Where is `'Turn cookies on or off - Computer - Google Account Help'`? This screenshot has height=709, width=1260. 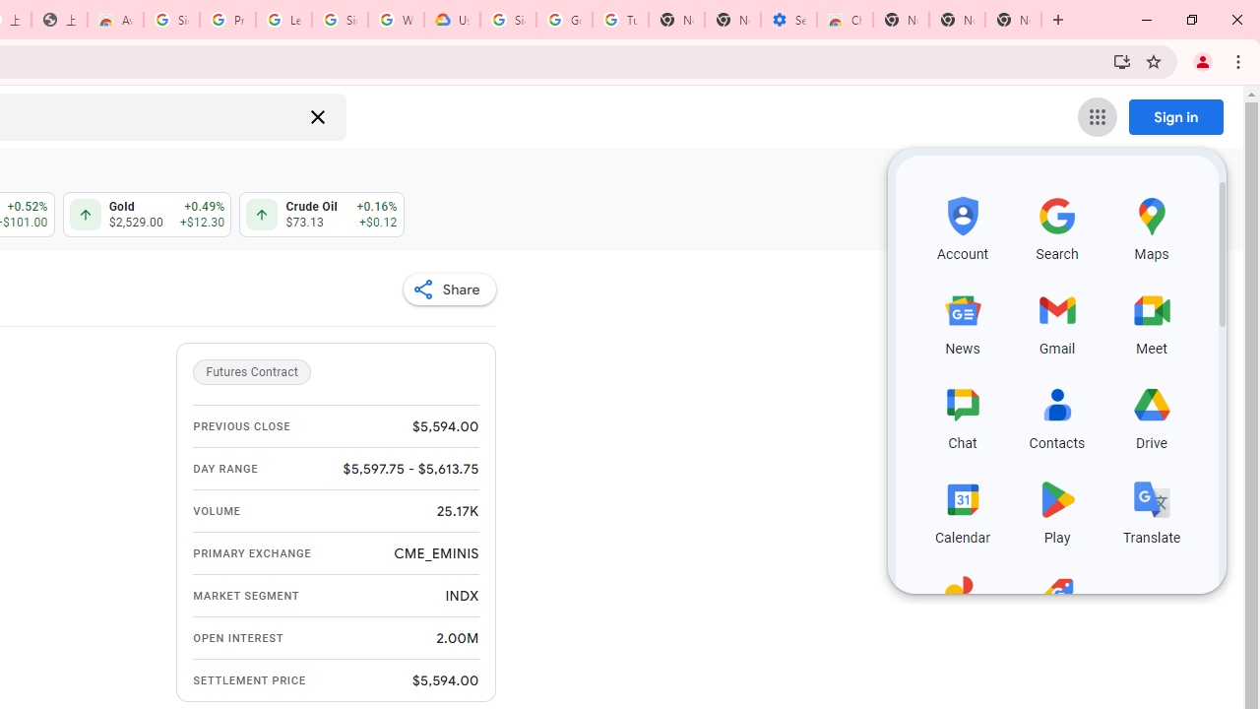 'Turn cookies on or off - Computer - Google Account Help' is located at coordinates (619, 20).